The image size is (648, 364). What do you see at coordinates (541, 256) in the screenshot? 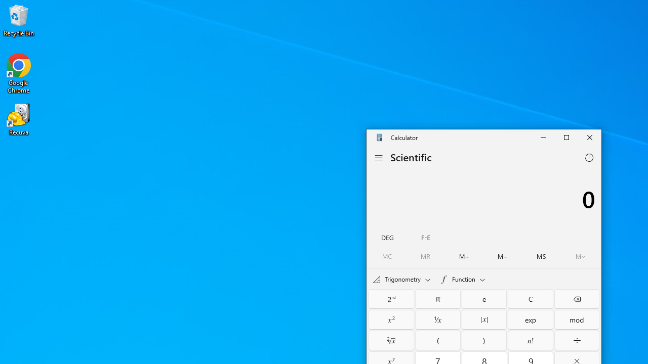
I see `'Memory store'` at bounding box center [541, 256].